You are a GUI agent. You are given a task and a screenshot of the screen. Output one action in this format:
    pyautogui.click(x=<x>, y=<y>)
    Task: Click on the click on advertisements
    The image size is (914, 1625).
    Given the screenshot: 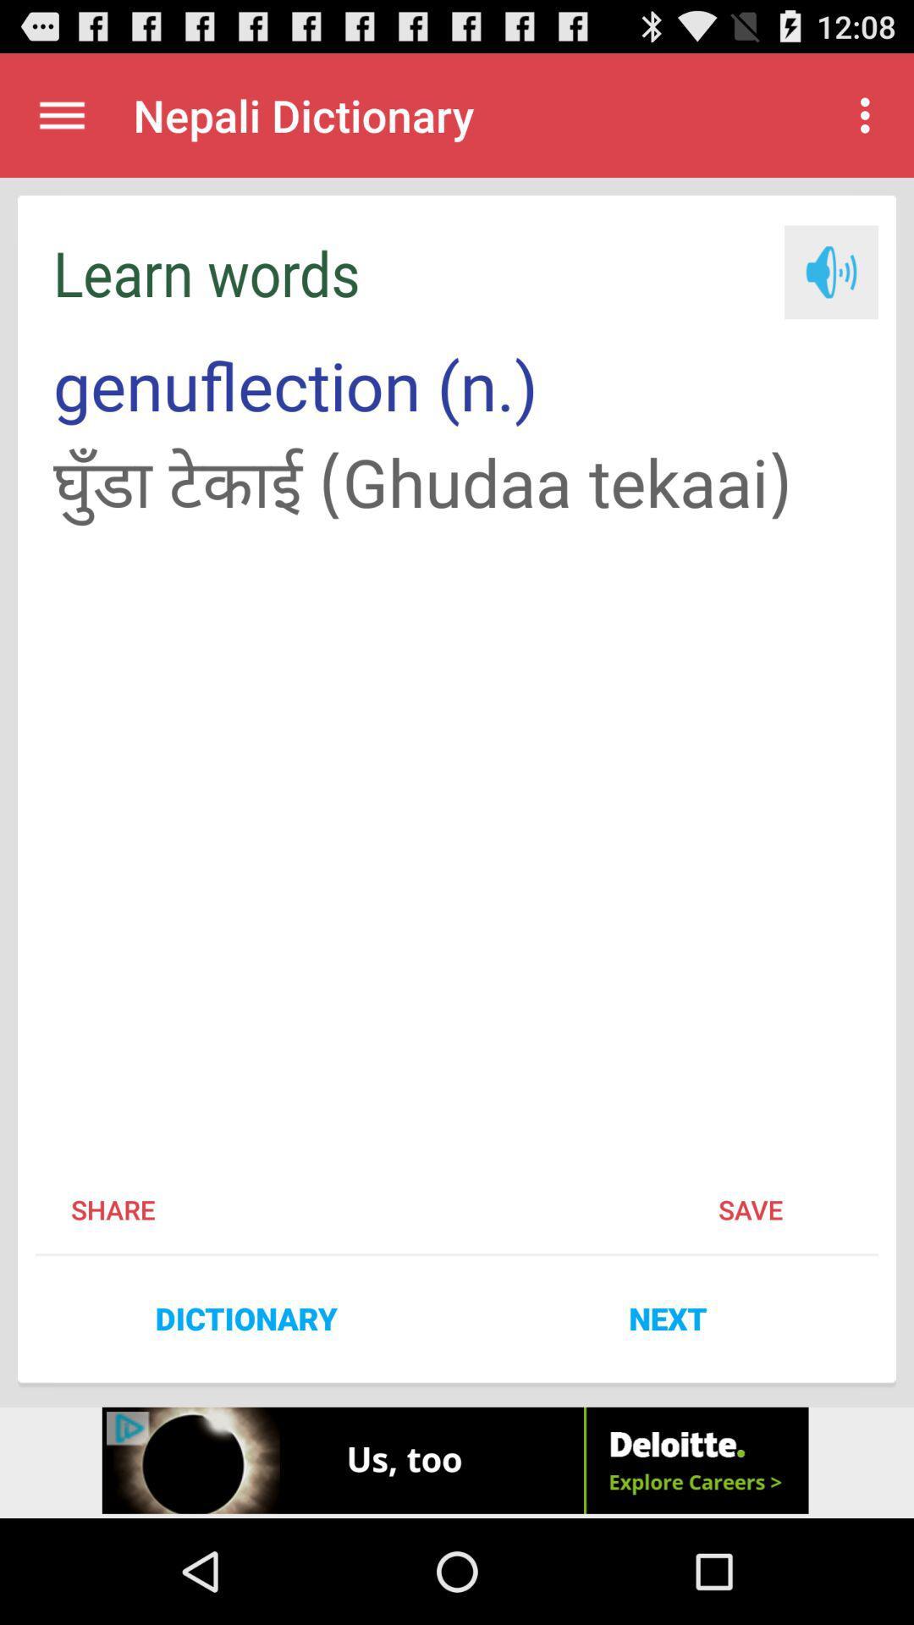 What is the action you would take?
    pyautogui.click(x=457, y=1462)
    